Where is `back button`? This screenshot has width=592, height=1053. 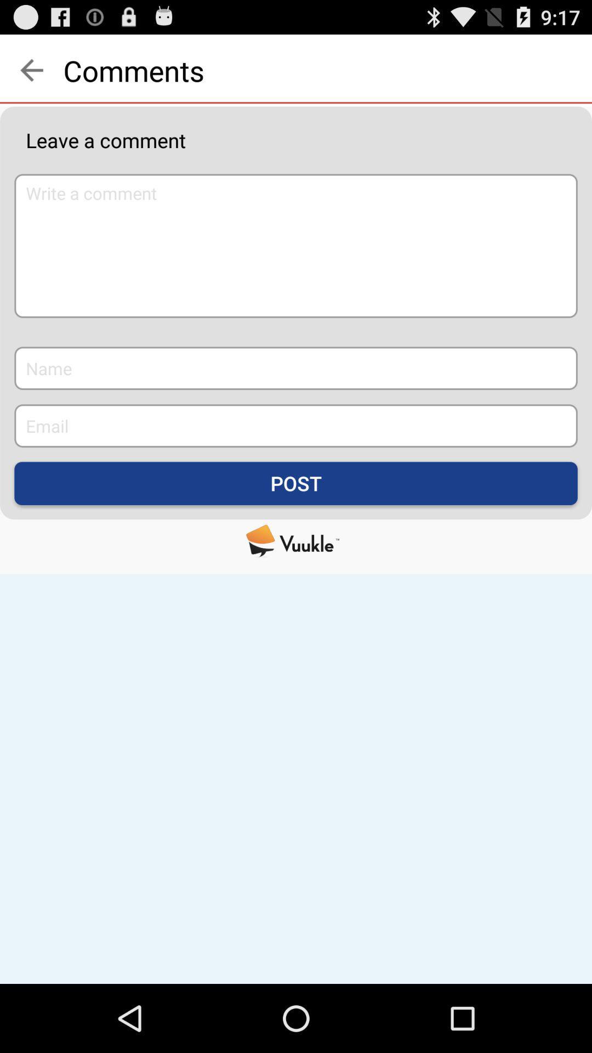
back button is located at coordinates (31, 70).